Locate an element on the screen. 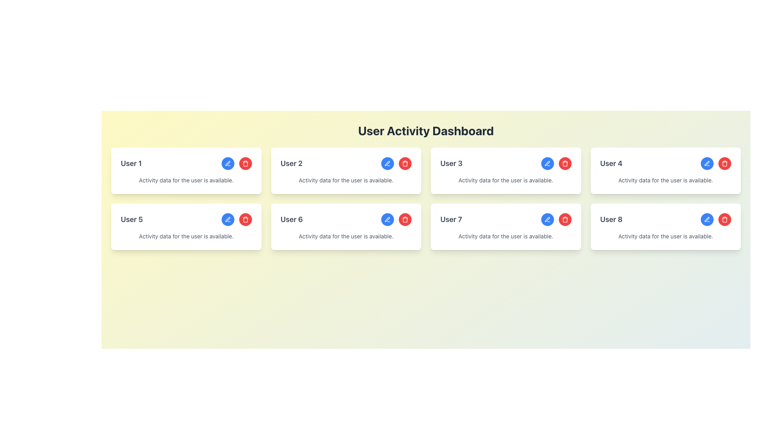 The image size is (768, 432). the Action Group containing the blue pencil icon and red trash bin icon located at the top-right corner of the 'User 2' card is located at coordinates (396, 163).